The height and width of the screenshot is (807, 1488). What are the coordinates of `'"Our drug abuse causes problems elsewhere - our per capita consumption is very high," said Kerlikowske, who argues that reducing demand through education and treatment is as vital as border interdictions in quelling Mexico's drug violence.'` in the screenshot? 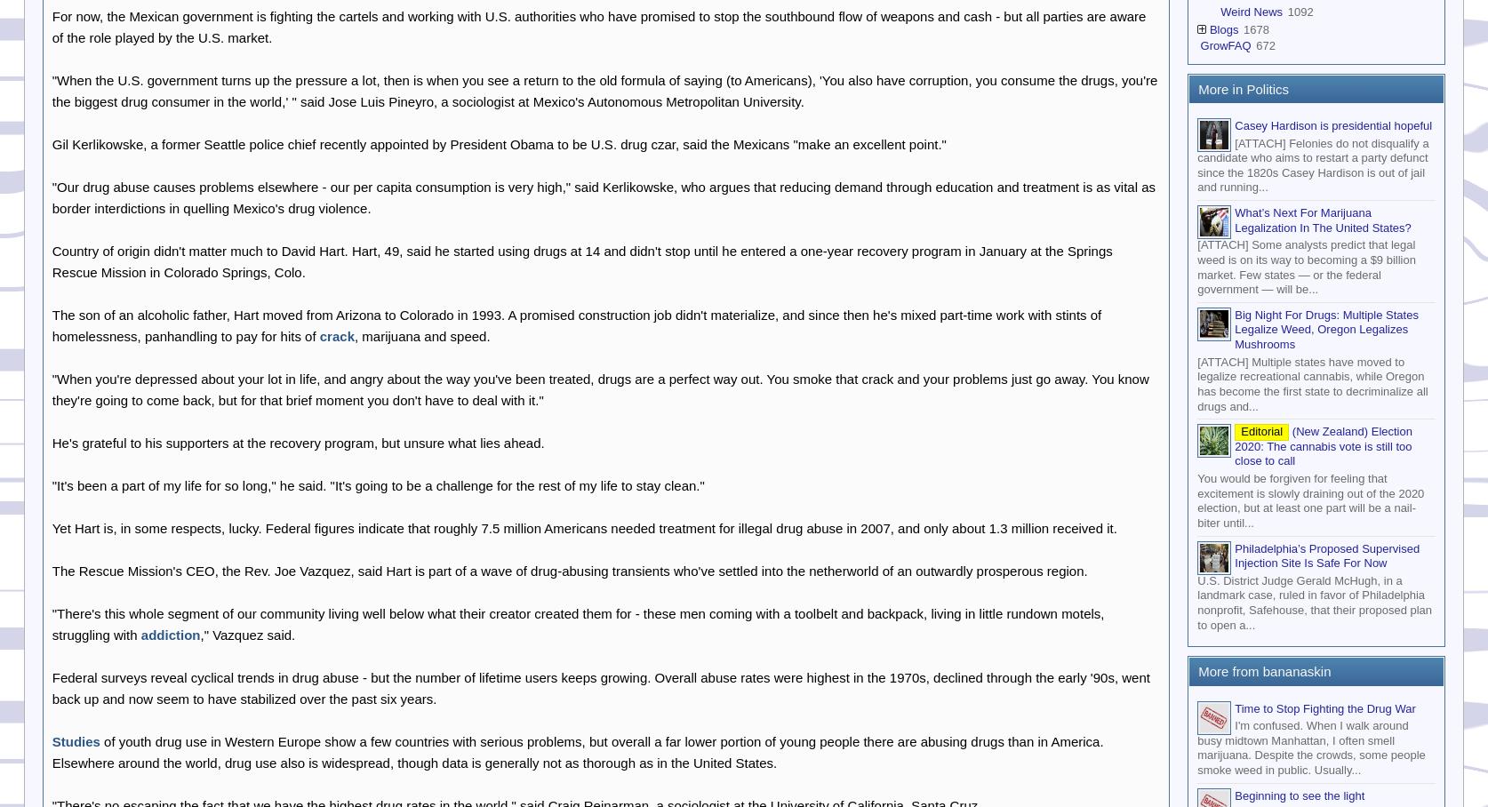 It's located at (603, 196).